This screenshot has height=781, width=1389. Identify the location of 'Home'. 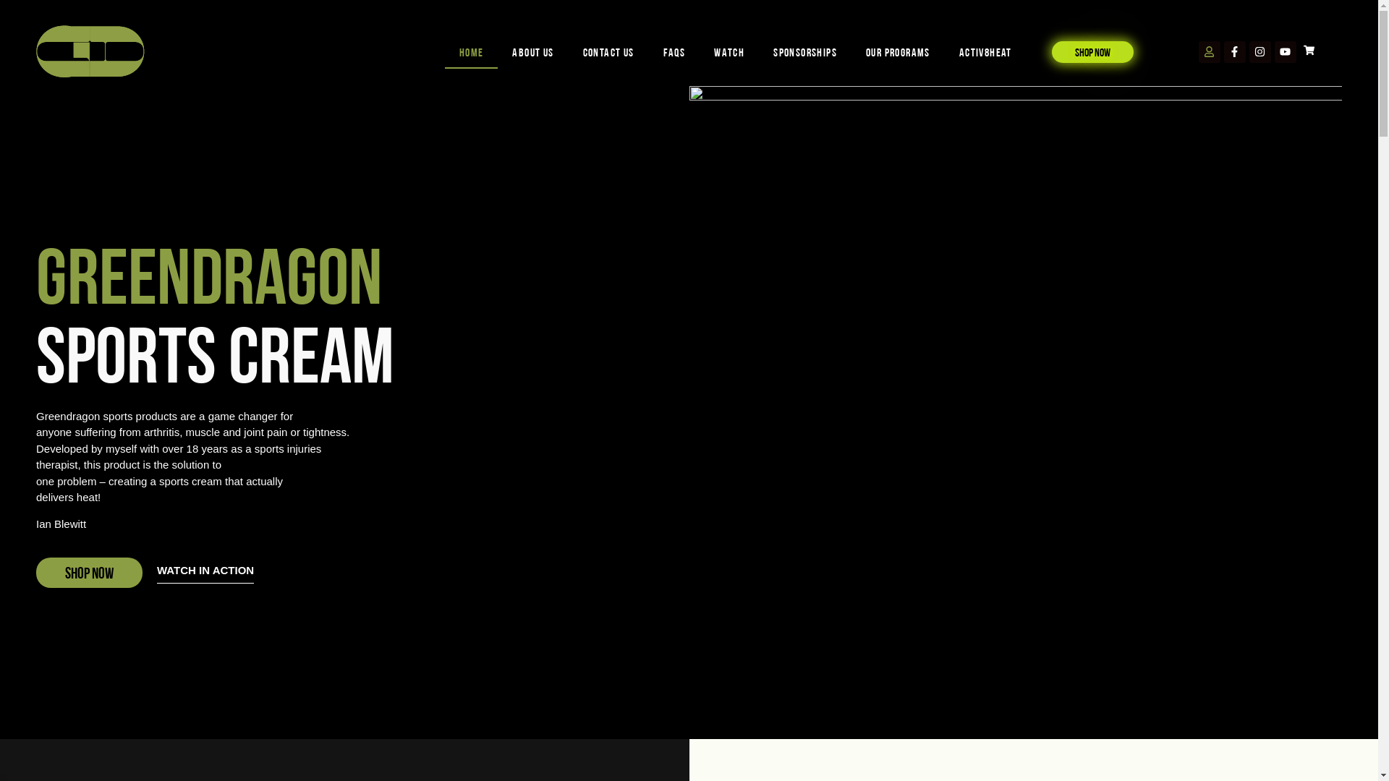
(472, 50).